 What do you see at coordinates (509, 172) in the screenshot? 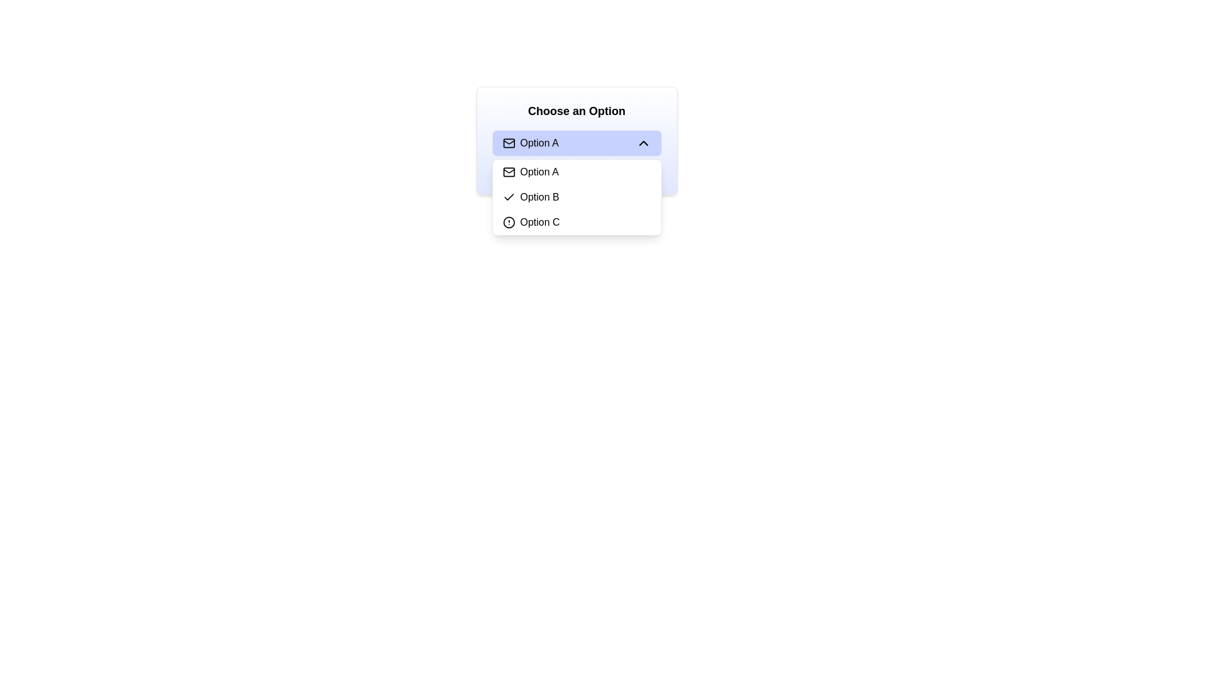
I see `the main body of the envelope icon located to the left of the 'Option A' selection in the dropdown menu` at bounding box center [509, 172].